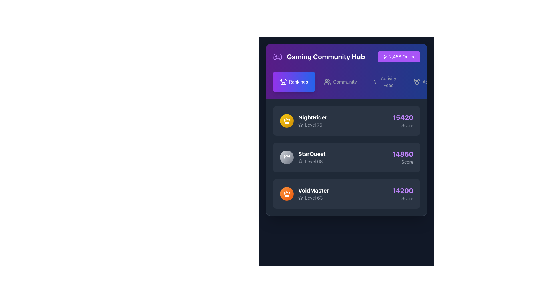 The height and width of the screenshot is (308, 549). Describe the element at coordinates (345, 82) in the screenshot. I see `the 'Community' text label, which is styled in light text on a bluish background and is part of the navigation bar` at that location.